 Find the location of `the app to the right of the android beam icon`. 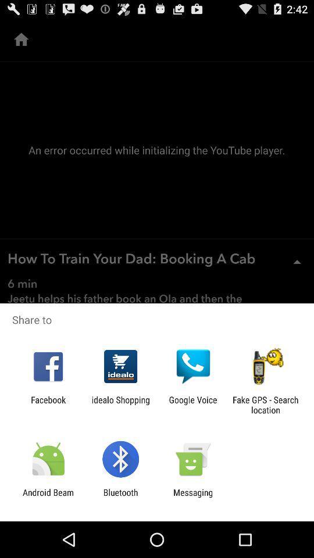

the app to the right of the android beam icon is located at coordinates (120, 497).